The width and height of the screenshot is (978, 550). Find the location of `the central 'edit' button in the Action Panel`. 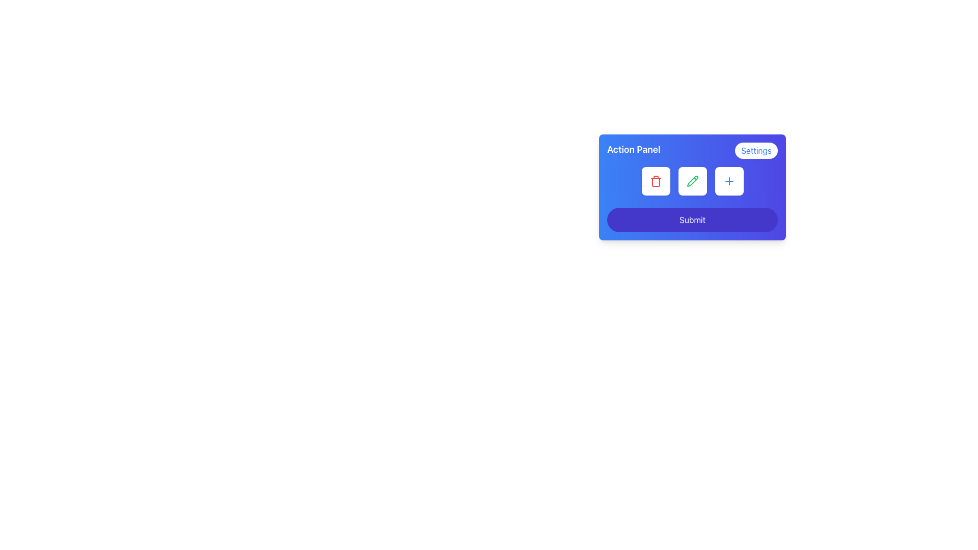

the central 'edit' button in the Action Panel is located at coordinates (692, 180).